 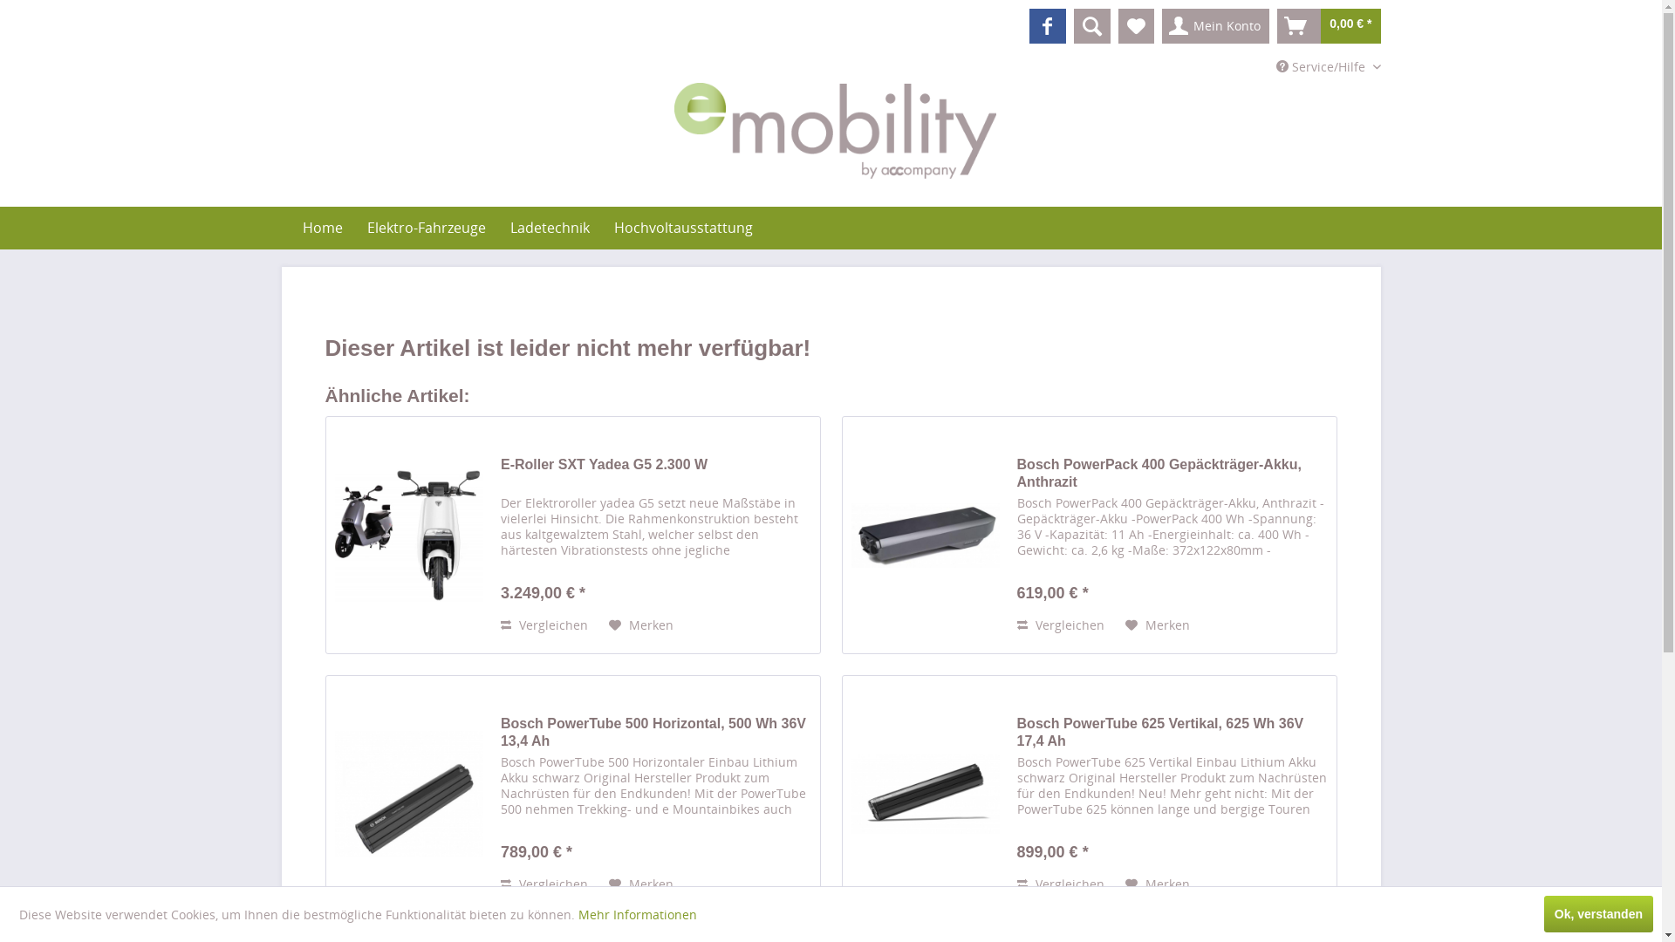 I want to click on 'Bosch PowerTube 625 Vertikal, 625 Wh 36V 17,4 Ah', so click(x=1172, y=733).